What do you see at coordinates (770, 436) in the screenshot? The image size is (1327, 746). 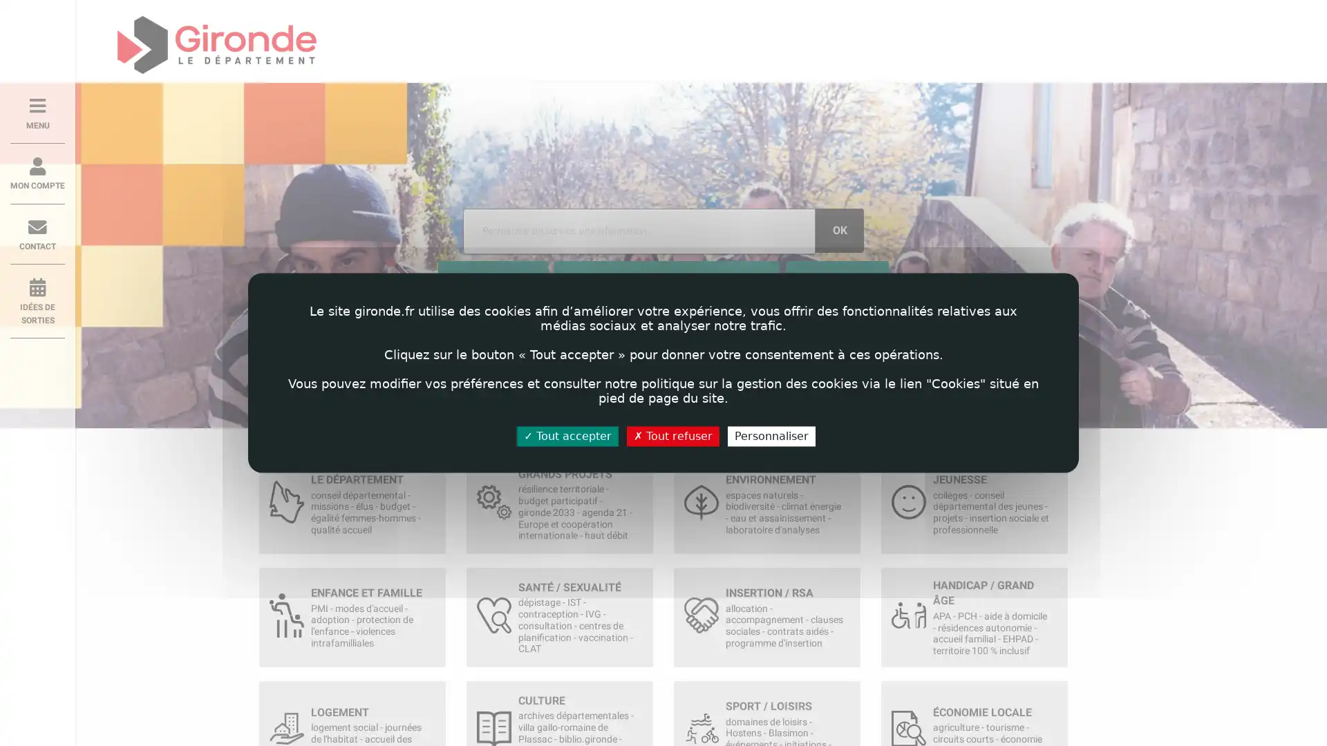 I see `Personnaliser` at bounding box center [770, 436].